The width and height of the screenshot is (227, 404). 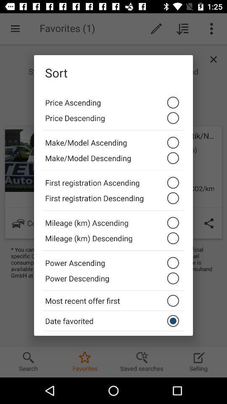 I want to click on price ascending icon, so click(x=113, y=100).